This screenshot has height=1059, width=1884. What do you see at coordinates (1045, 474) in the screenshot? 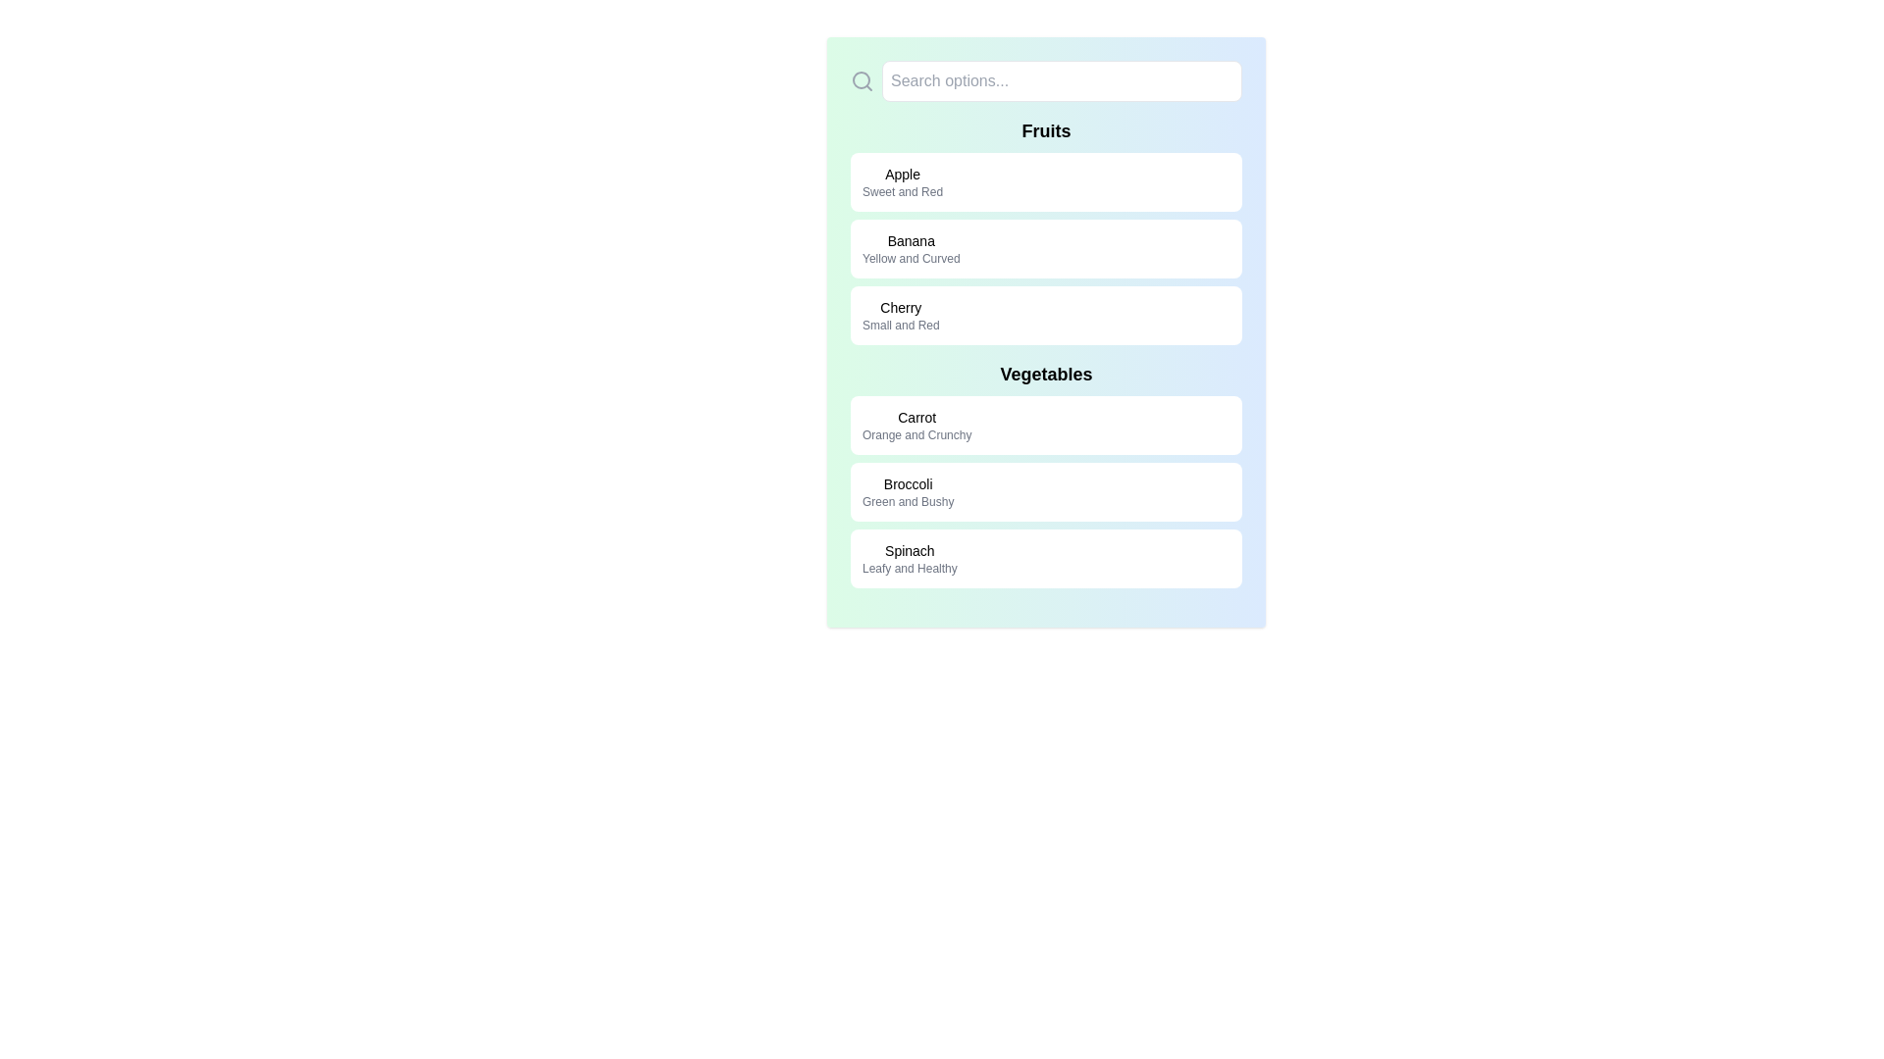
I see `the second list item in the 'Vegetables' section, labeled 'Broccoli'` at bounding box center [1045, 474].